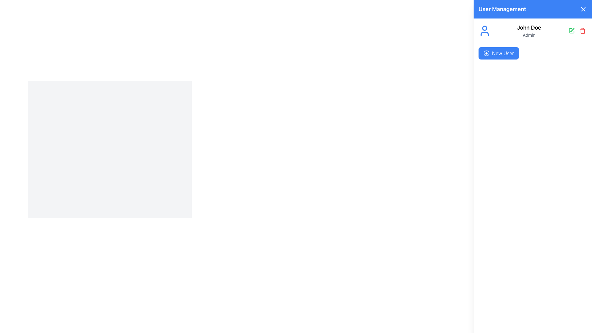 This screenshot has height=333, width=592. I want to click on the edit button for user 'John Doe', so click(571, 31).